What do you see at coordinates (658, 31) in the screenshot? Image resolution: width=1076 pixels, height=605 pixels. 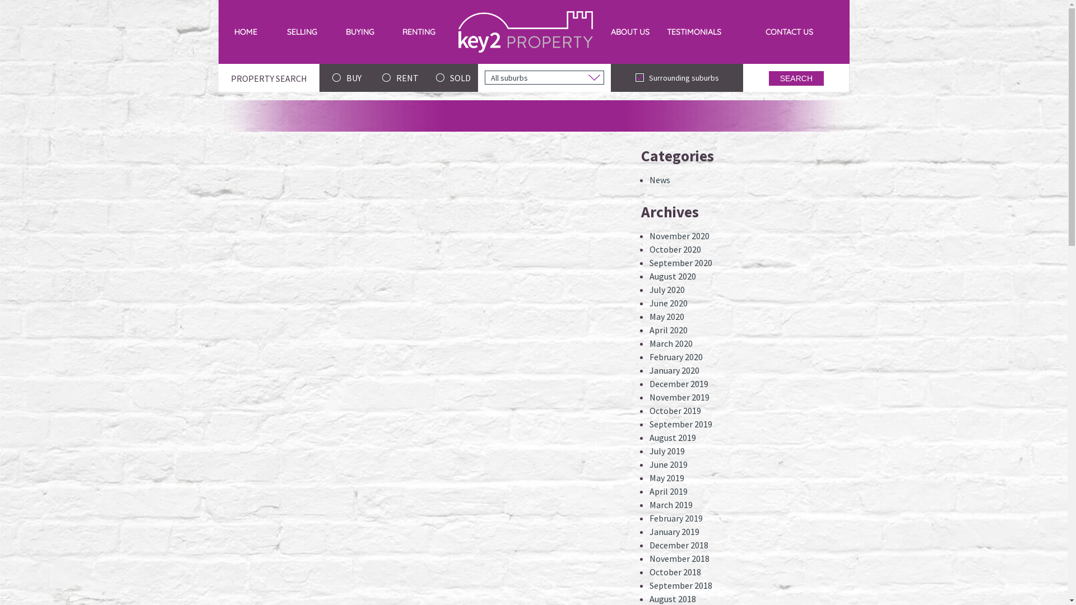 I see `'TESTIMONIALS'` at bounding box center [658, 31].